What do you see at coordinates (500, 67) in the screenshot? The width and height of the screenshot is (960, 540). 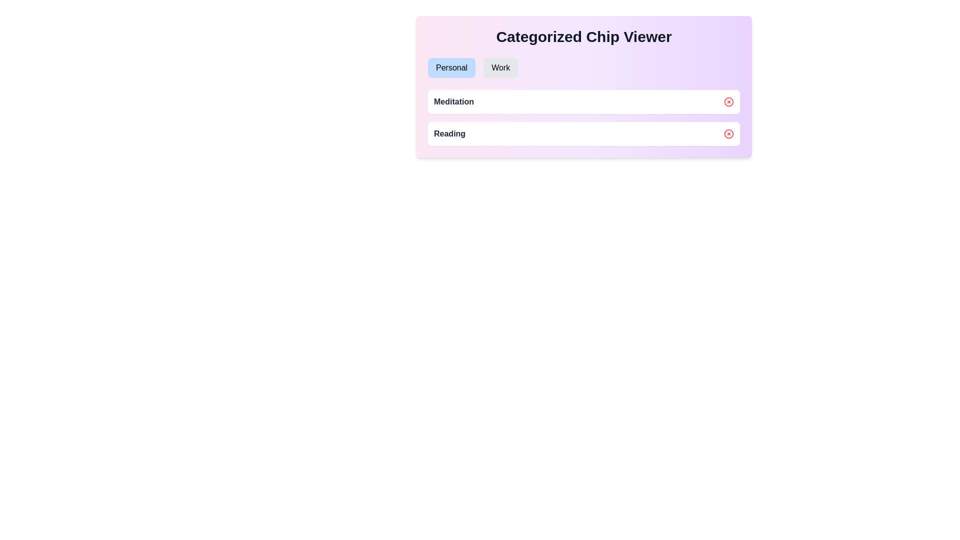 I see `the Work tab to switch the active view` at bounding box center [500, 67].